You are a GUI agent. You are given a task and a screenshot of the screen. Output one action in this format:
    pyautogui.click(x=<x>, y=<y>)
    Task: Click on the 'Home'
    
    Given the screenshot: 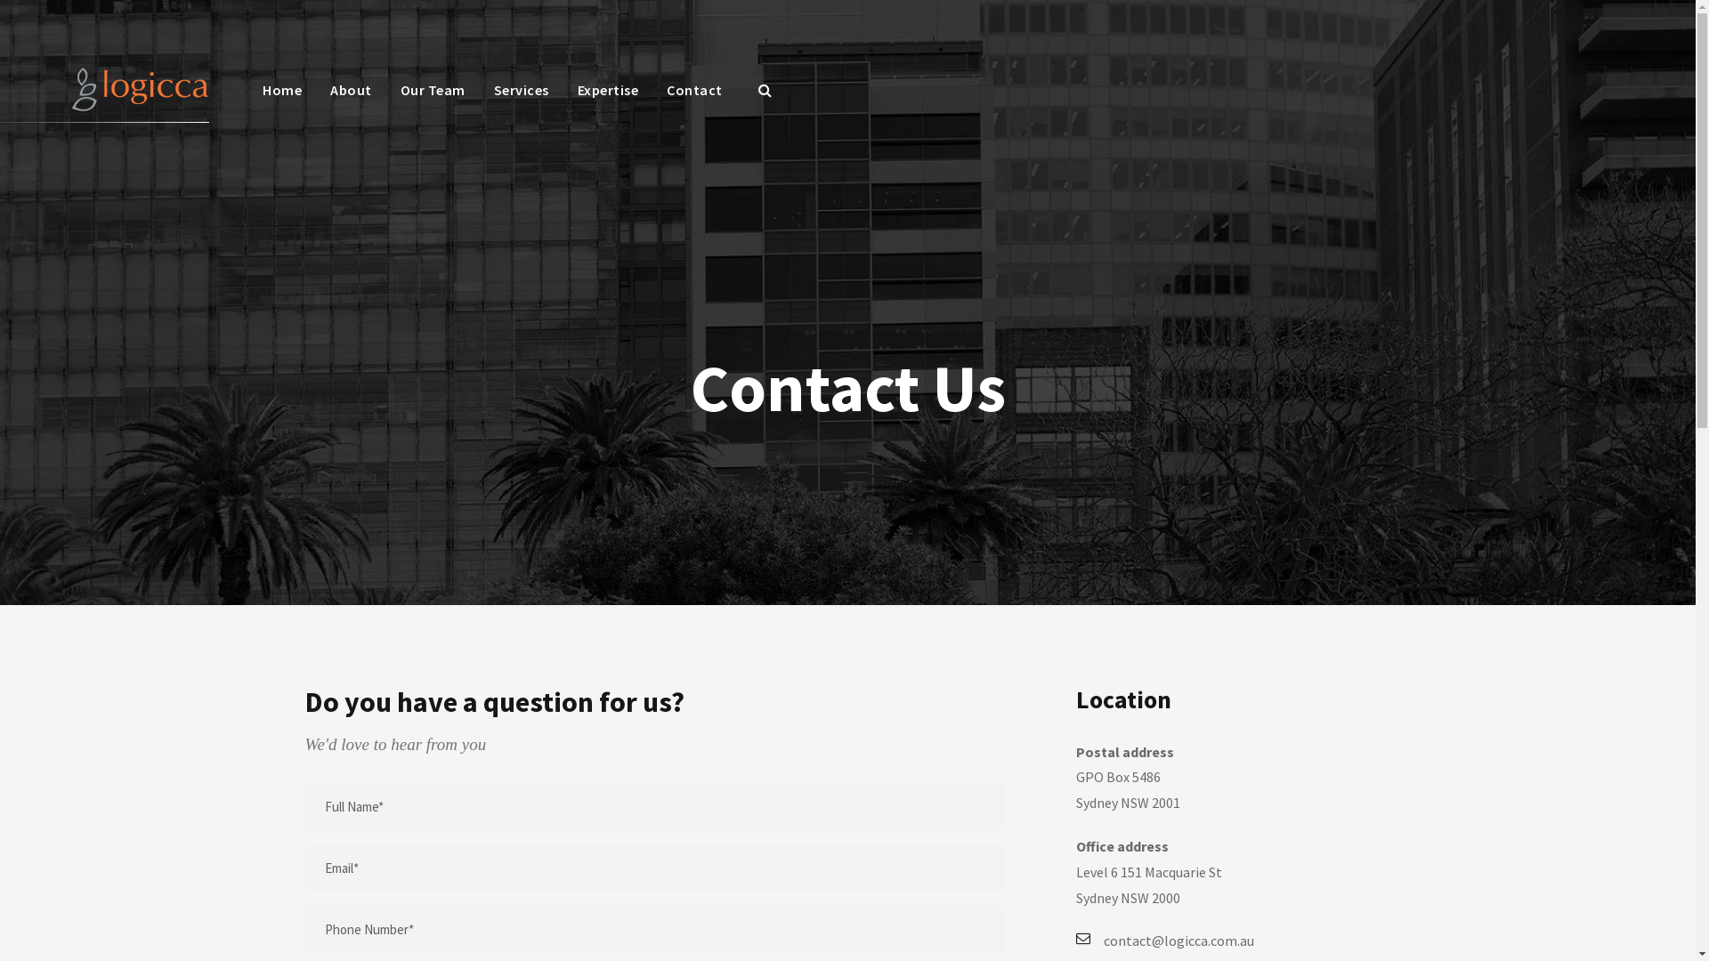 What is the action you would take?
    pyautogui.click(x=280, y=99)
    